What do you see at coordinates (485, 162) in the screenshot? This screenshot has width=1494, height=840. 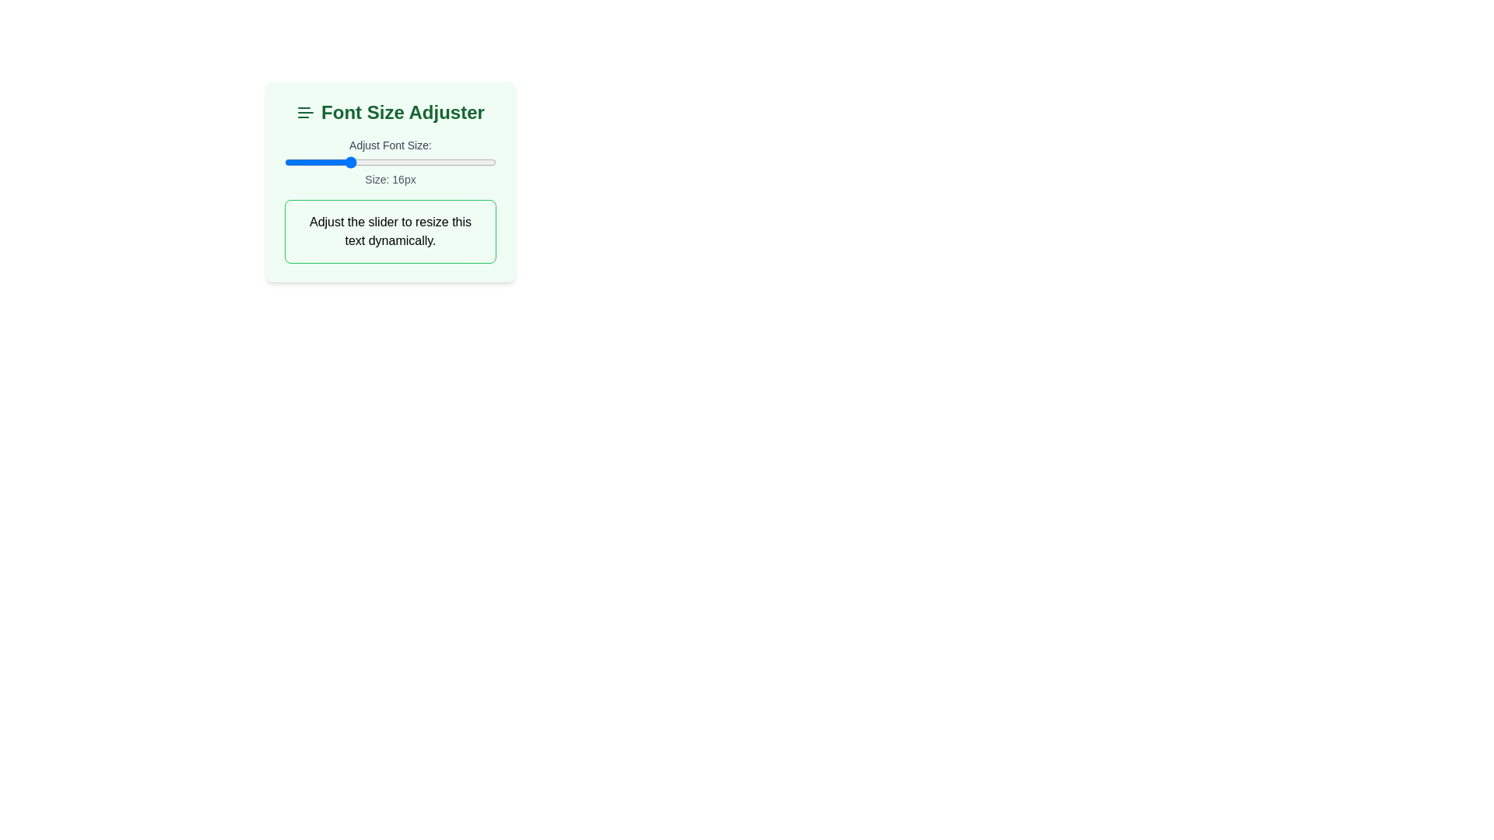 I see `the font size slider to 29 px` at bounding box center [485, 162].